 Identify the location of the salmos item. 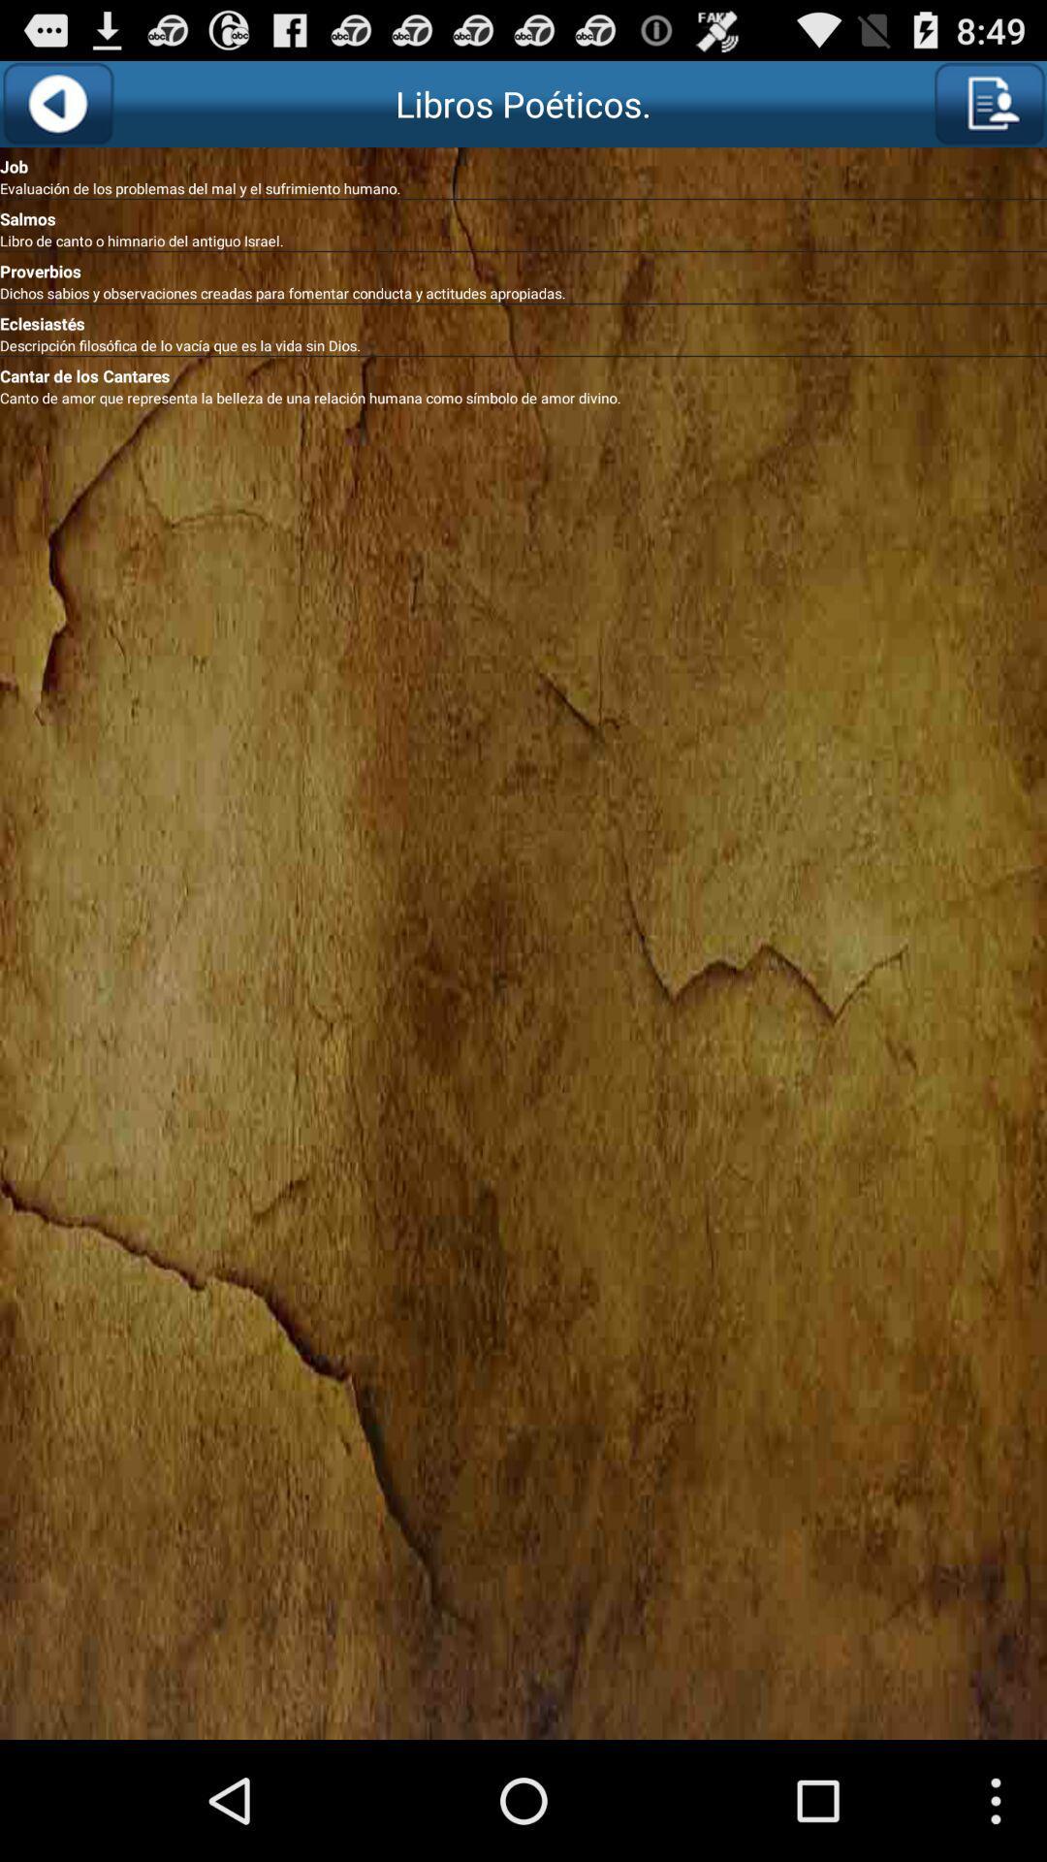
(523, 214).